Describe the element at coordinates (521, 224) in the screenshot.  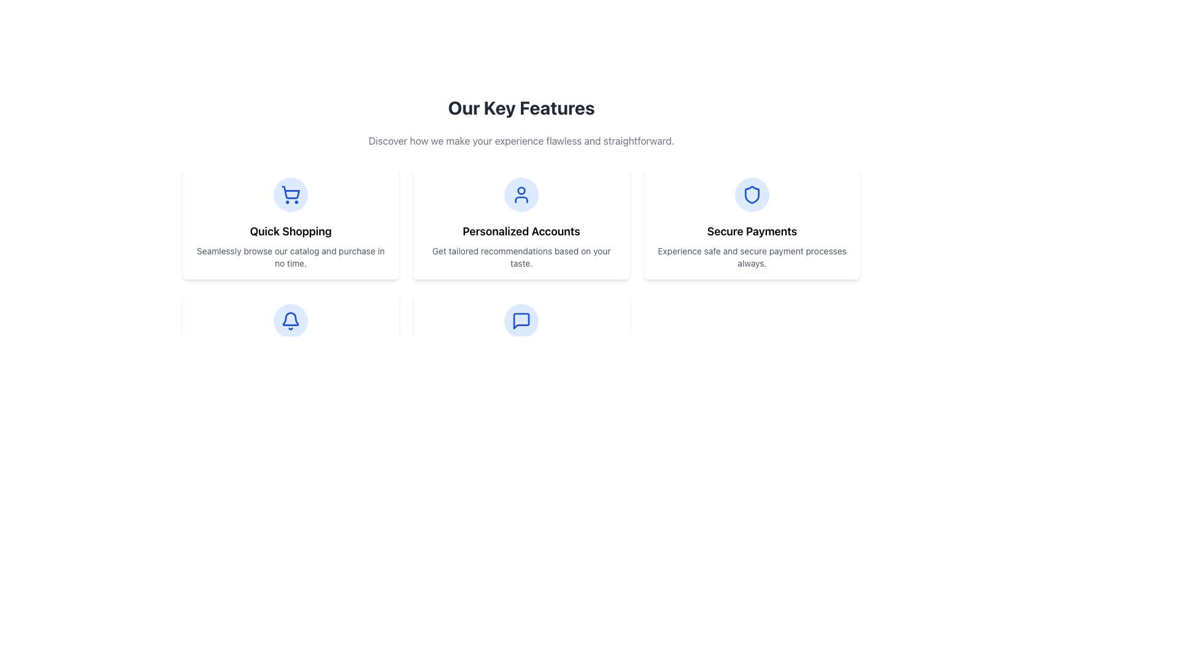
I see `the second feature card in the grid layout, which provides personalized account recommendations, located below the heading 'Our Key Features.'` at that location.